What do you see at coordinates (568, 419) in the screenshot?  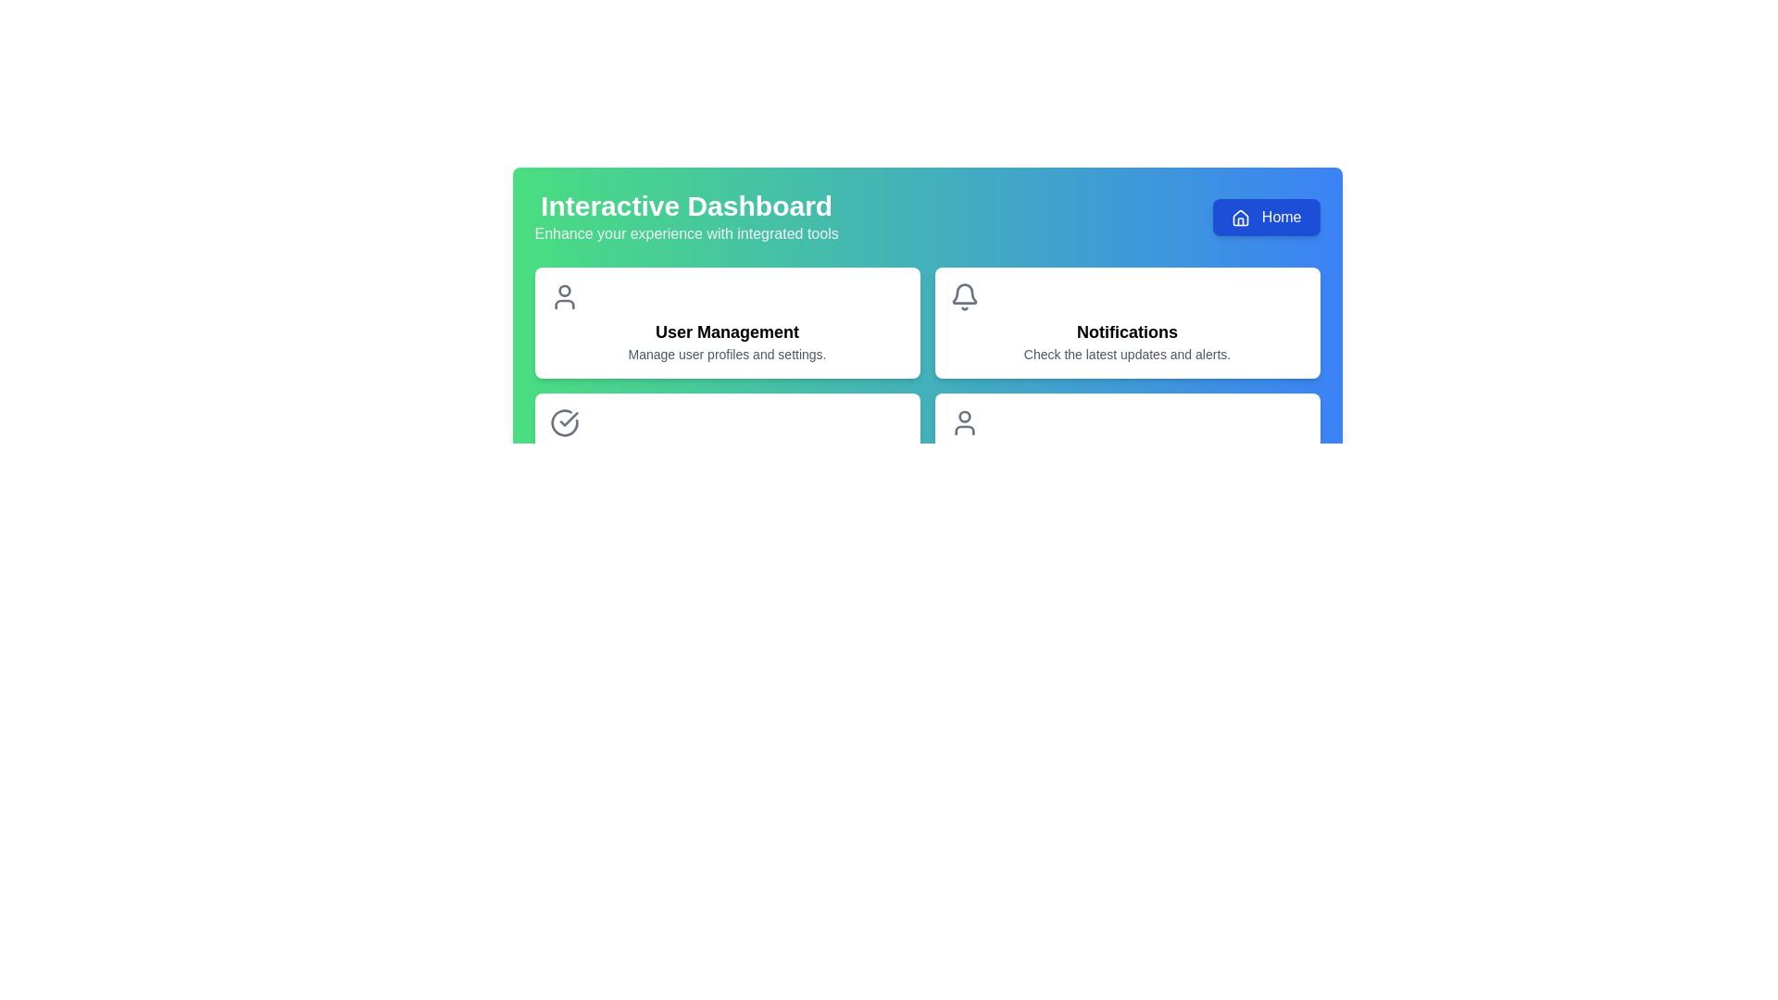 I see `the function of the check mark icon located within the 'User Management' card, positioned below the circular icon` at bounding box center [568, 419].